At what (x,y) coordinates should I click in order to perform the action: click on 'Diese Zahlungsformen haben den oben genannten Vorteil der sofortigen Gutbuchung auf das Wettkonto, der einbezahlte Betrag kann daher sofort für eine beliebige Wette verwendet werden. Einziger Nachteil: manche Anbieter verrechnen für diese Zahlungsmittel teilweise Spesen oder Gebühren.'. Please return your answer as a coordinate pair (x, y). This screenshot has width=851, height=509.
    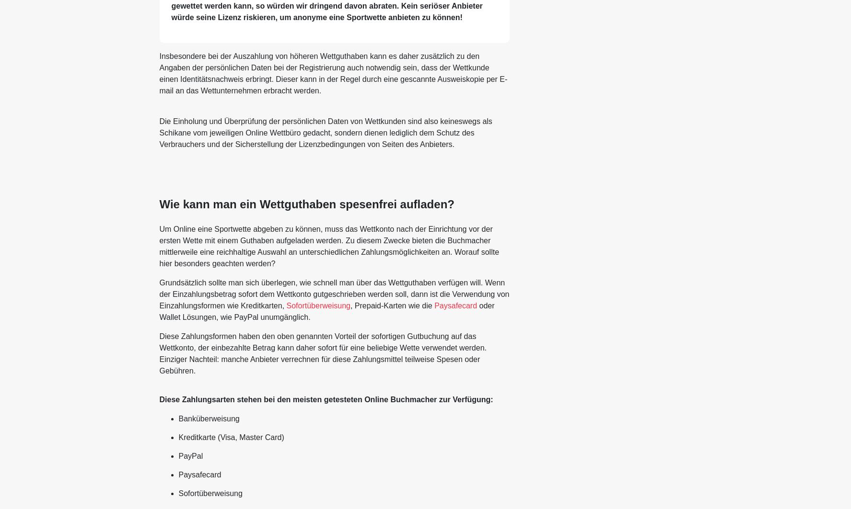
    Looking at the image, I should click on (322, 352).